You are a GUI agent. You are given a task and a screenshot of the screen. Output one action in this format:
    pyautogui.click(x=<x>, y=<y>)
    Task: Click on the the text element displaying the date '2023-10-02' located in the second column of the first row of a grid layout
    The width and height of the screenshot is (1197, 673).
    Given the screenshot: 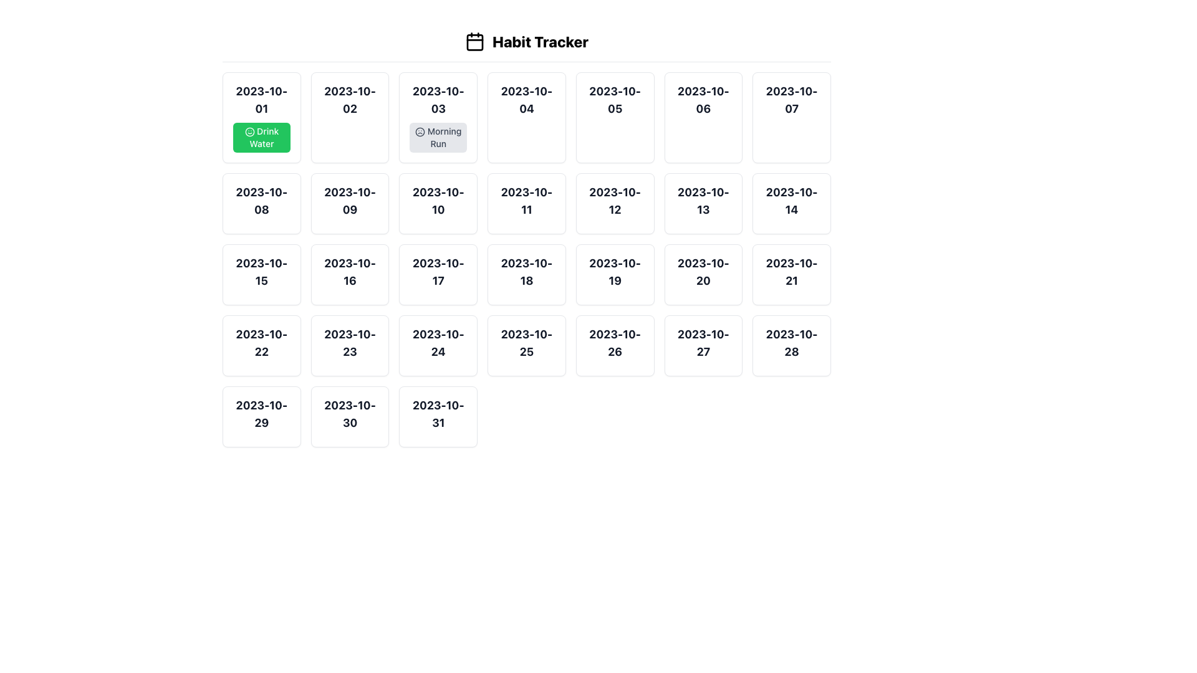 What is the action you would take?
    pyautogui.click(x=349, y=100)
    